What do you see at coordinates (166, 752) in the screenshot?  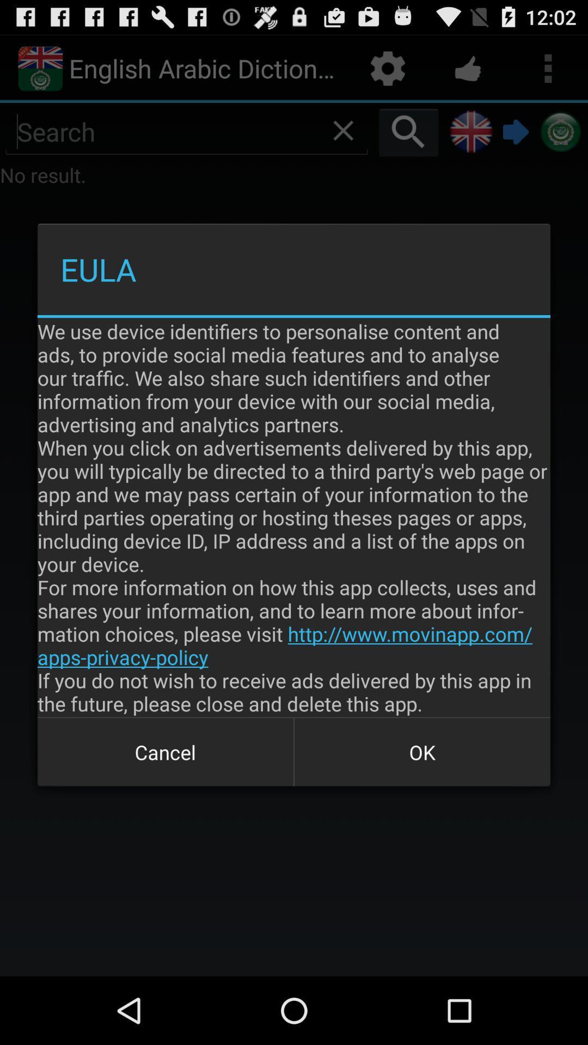 I see `item to the left of the ok button` at bounding box center [166, 752].